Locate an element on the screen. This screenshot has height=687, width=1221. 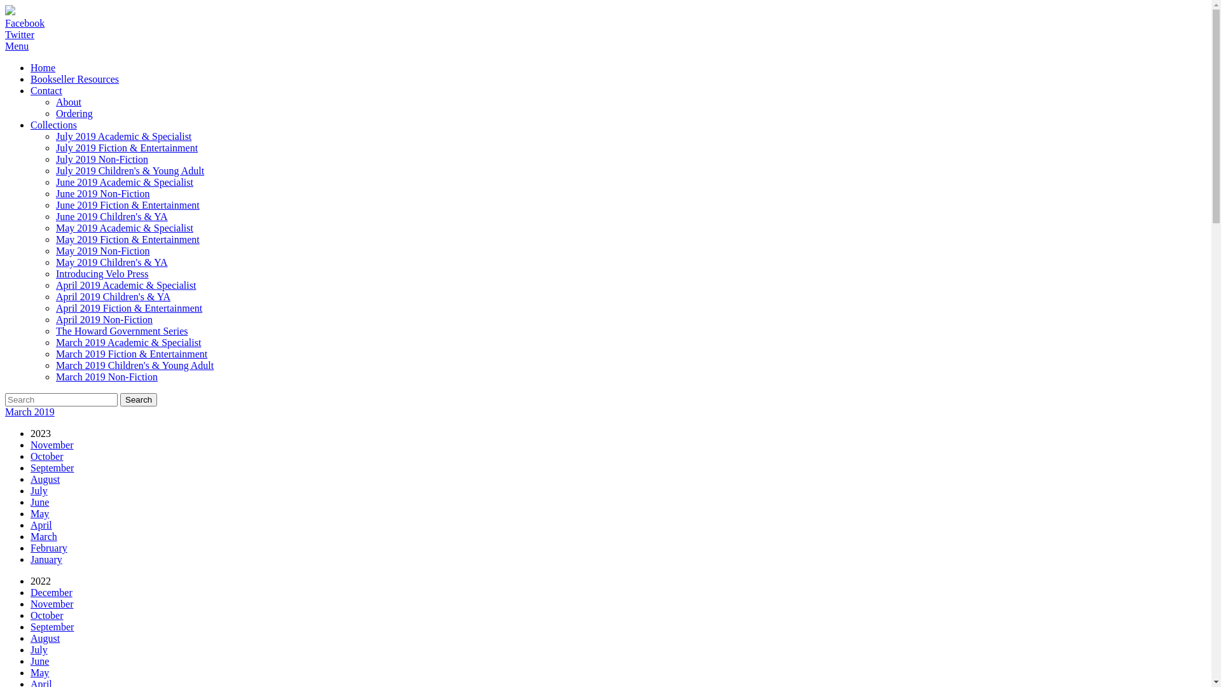
'June 2019 Fiction & Entertainment' is located at coordinates (55, 204).